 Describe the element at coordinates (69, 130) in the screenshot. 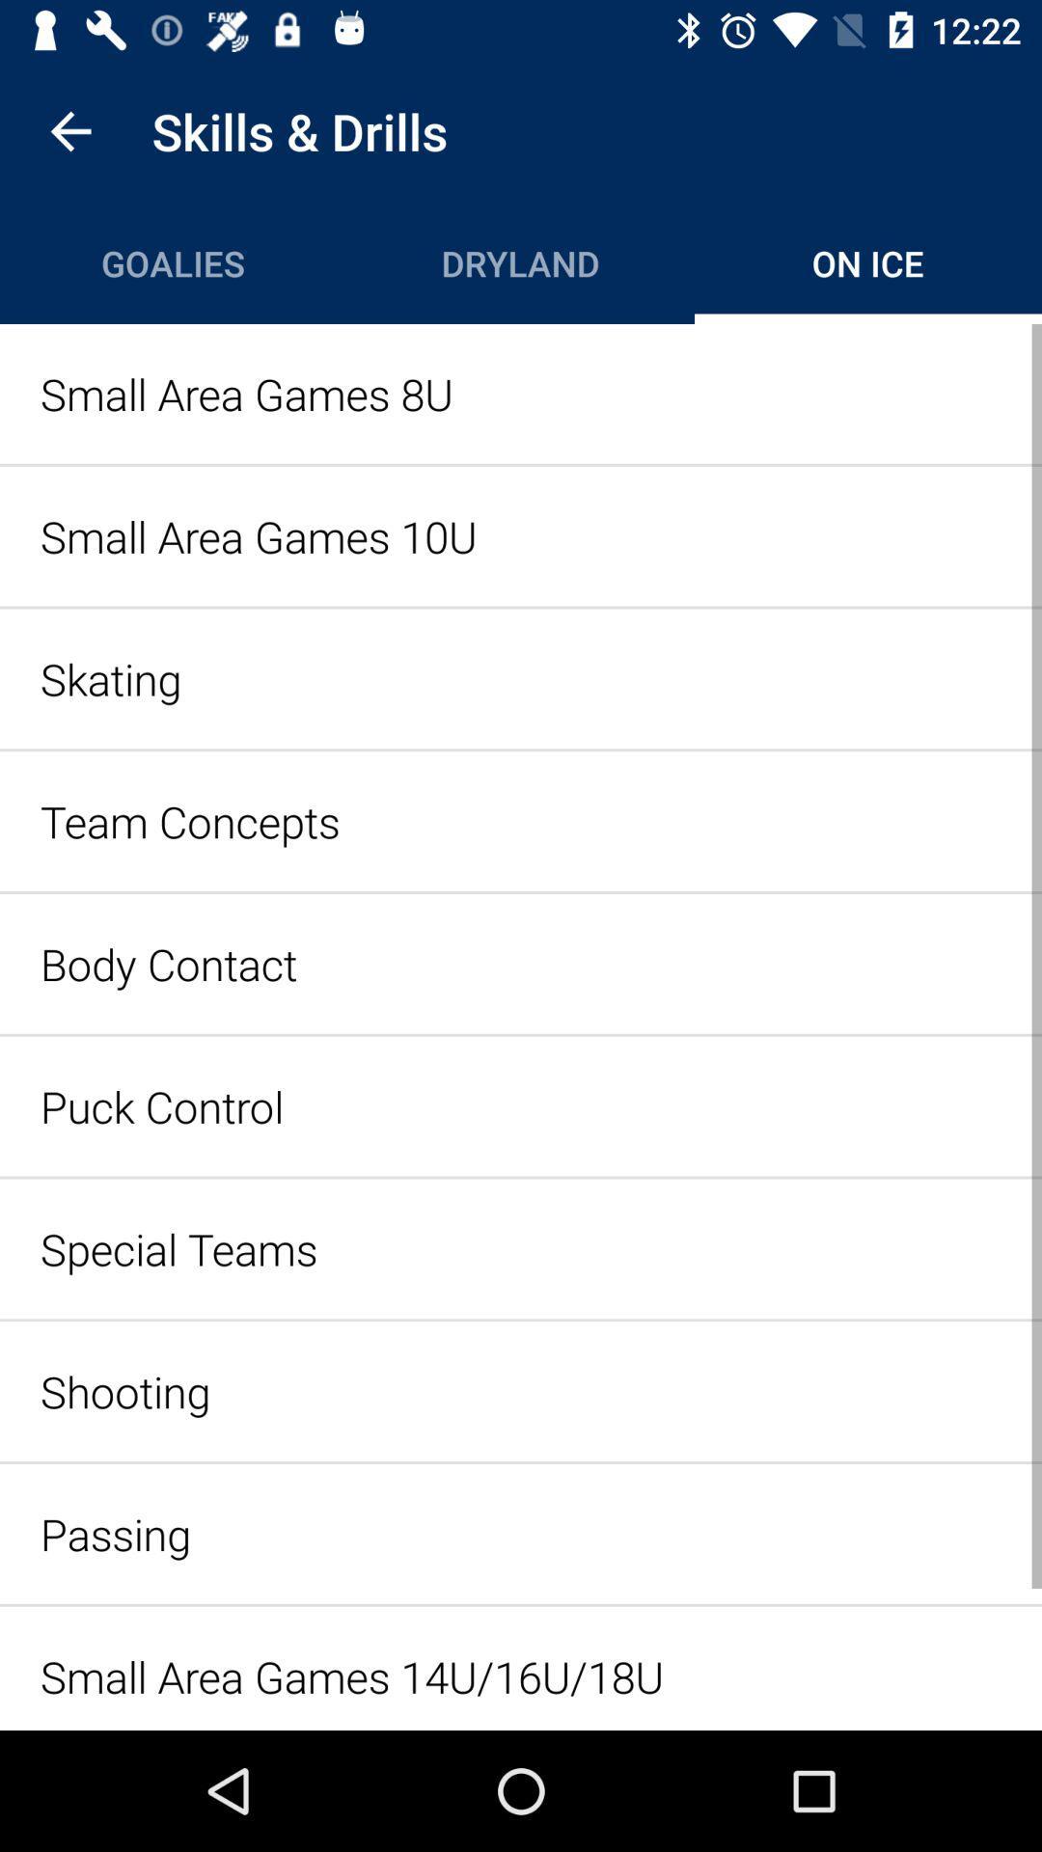

I see `item above goalies icon` at that location.